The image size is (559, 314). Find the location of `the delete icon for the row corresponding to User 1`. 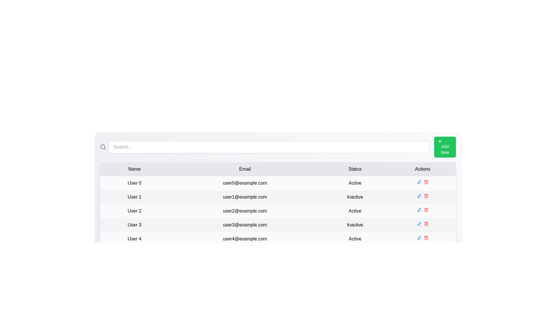

the delete icon for the row corresponding to User 1 is located at coordinates (426, 196).